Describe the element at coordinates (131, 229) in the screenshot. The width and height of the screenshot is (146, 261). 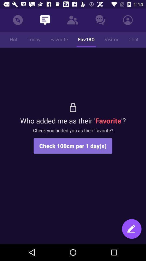
I see `icon below the check you added item` at that location.